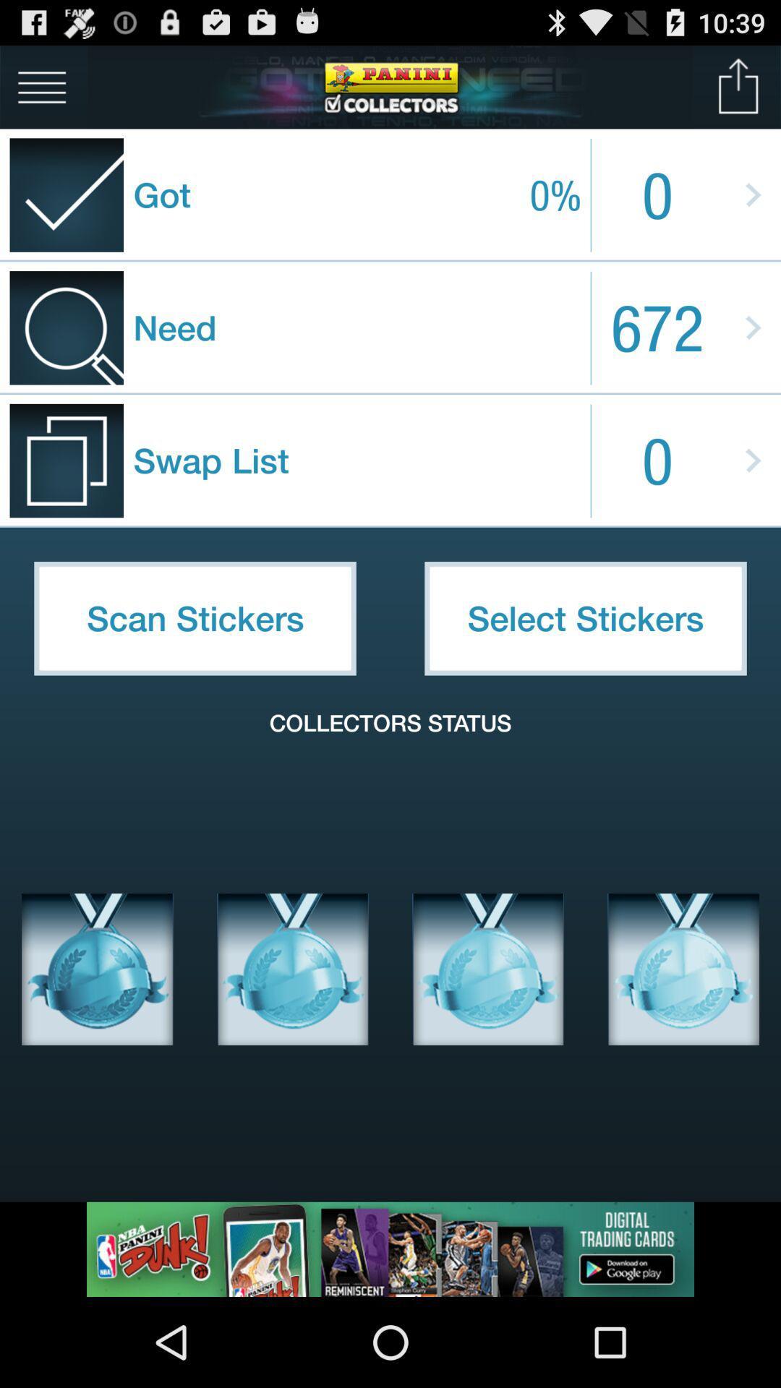  Describe the element at coordinates (586, 618) in the screenshot. I see `the item below swap list item` at that location.